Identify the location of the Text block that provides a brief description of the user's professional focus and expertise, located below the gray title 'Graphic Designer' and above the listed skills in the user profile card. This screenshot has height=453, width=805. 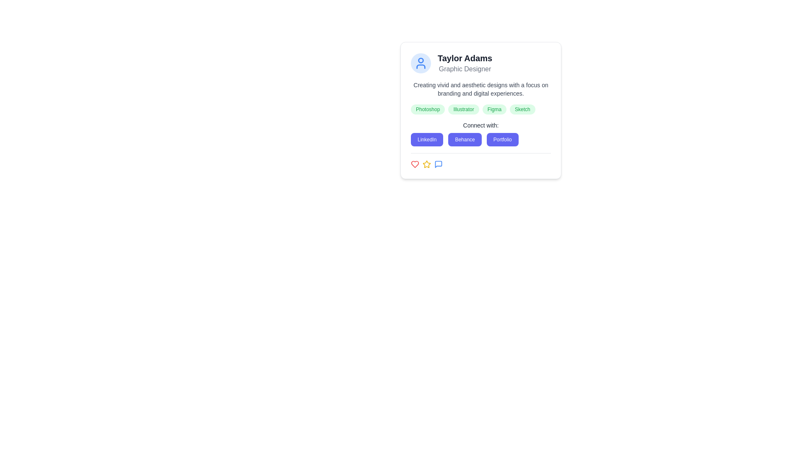
(481, 89).